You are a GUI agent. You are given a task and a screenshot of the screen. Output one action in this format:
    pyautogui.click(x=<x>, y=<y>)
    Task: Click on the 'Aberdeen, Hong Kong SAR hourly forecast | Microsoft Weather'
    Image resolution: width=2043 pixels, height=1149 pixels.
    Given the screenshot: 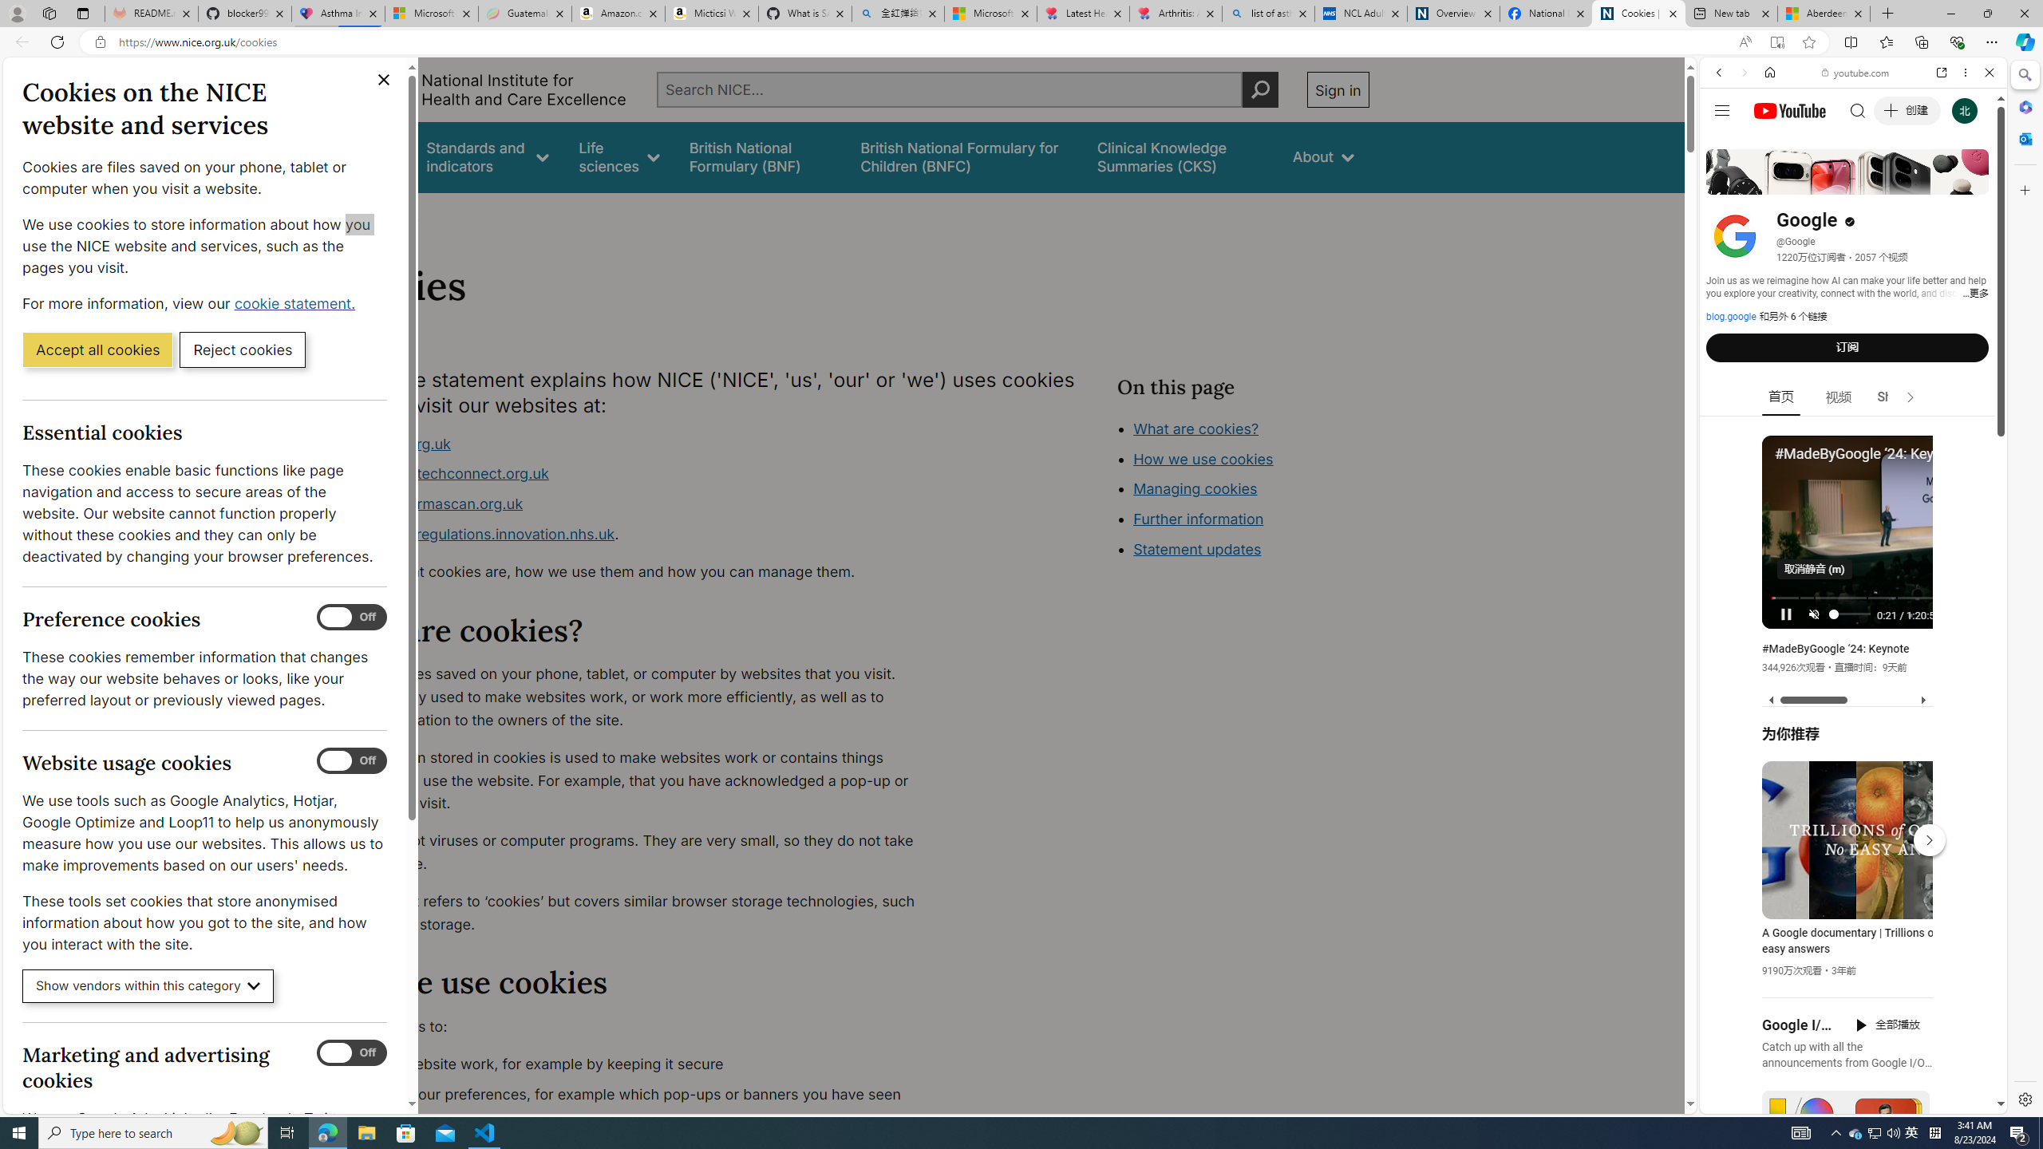 What is the action you would take?
    pyautogui.click(x=1824, y=13)
    